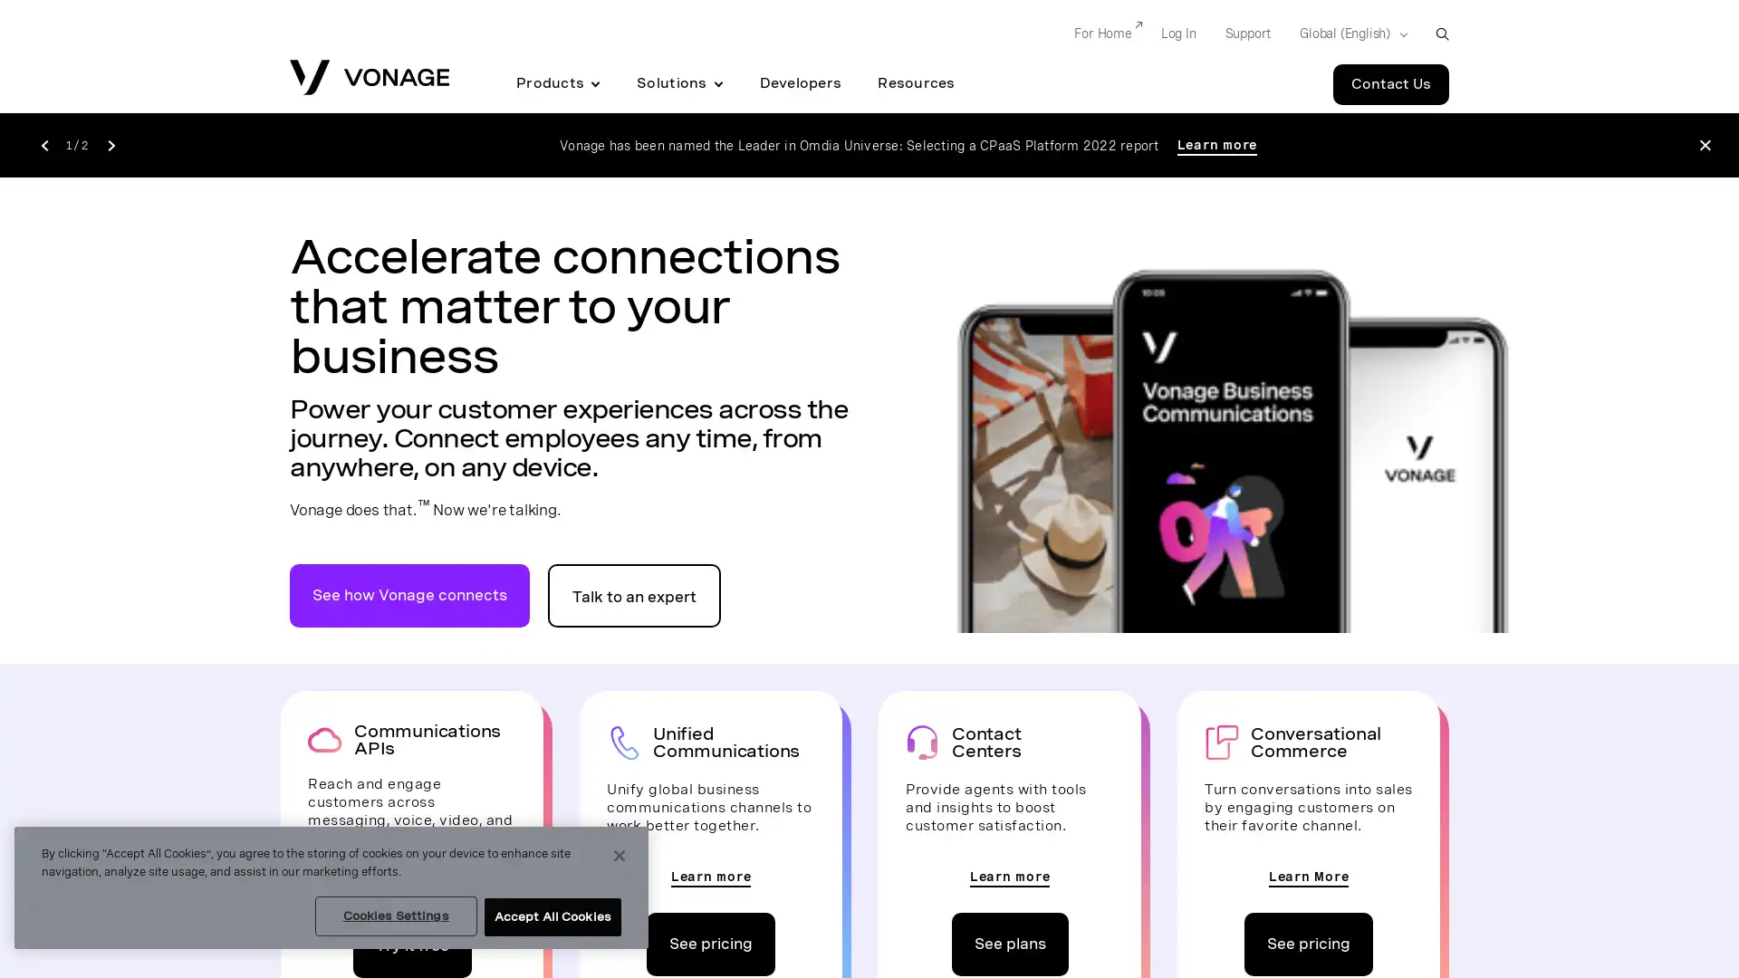 This screenshot has height=978, width=1739. I want to click on Cookies Settings, so click(394, 916).